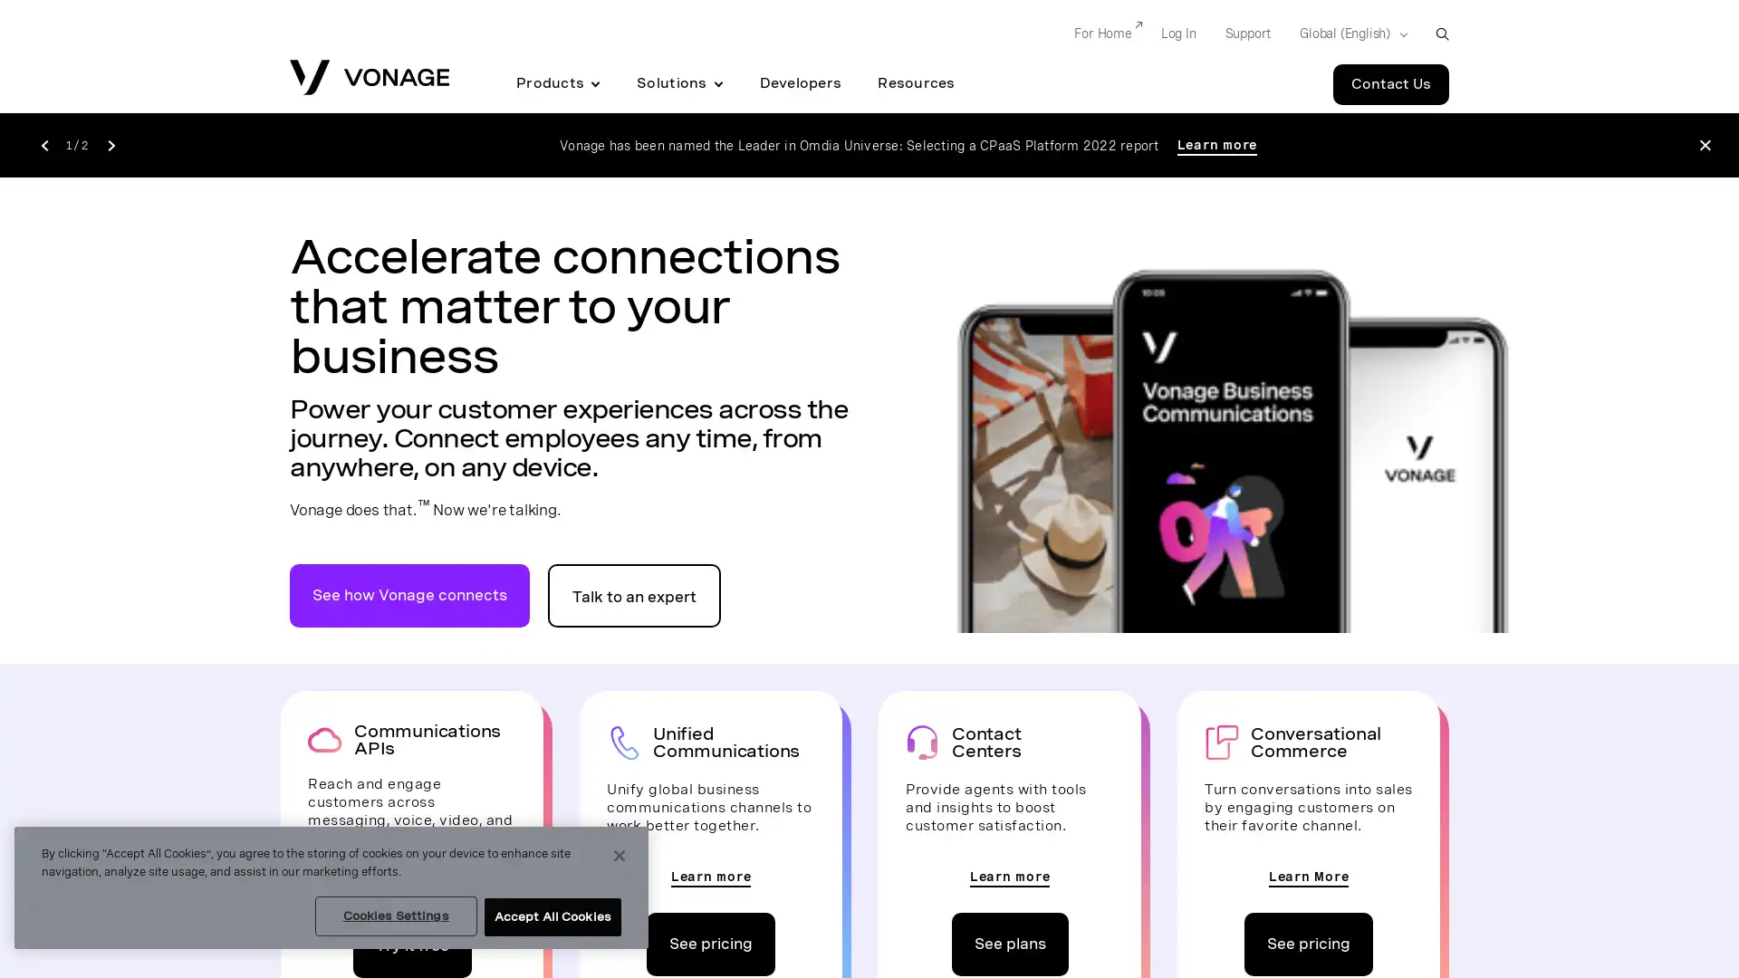 This screenshot has height=978, width=1739. I want to click on Cookies Settings, so click(394, 916).